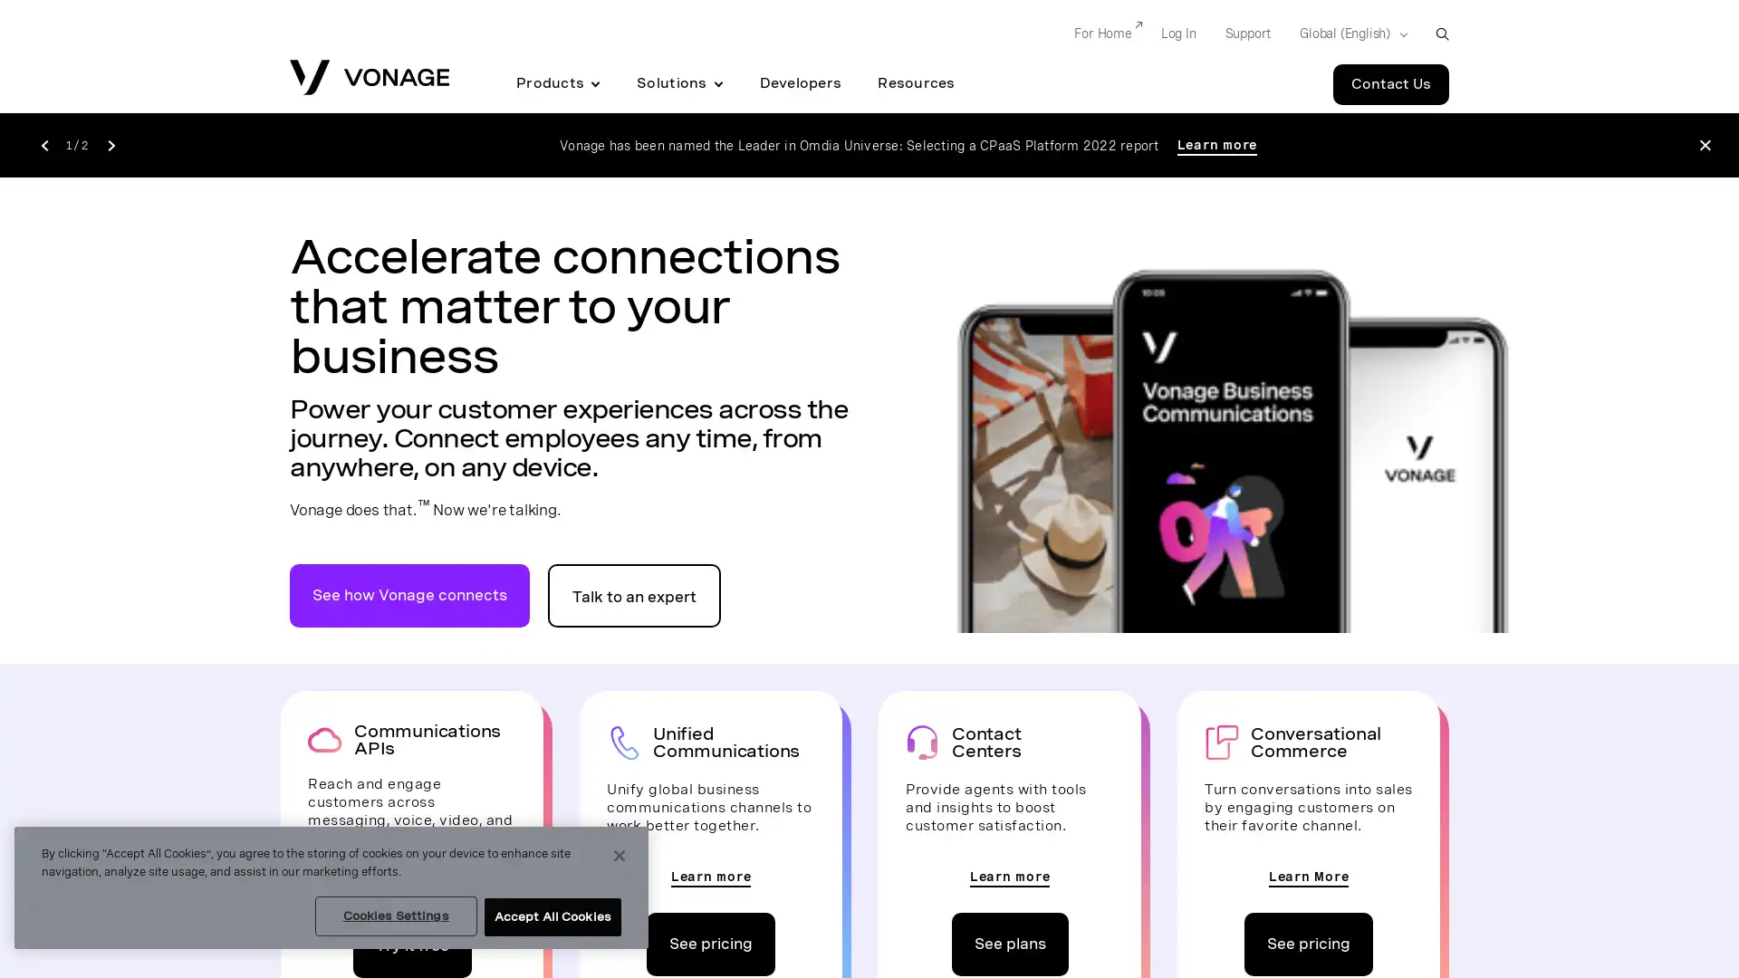 This screenshot has height=978, width=1739. I want to click on Cookies Settings, so click(394, 916).